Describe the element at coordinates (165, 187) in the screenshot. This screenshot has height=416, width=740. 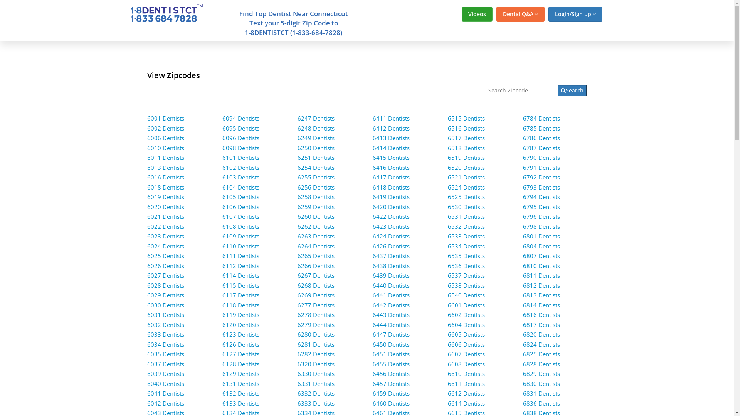
I see `'6018 Dentists'` at that location.